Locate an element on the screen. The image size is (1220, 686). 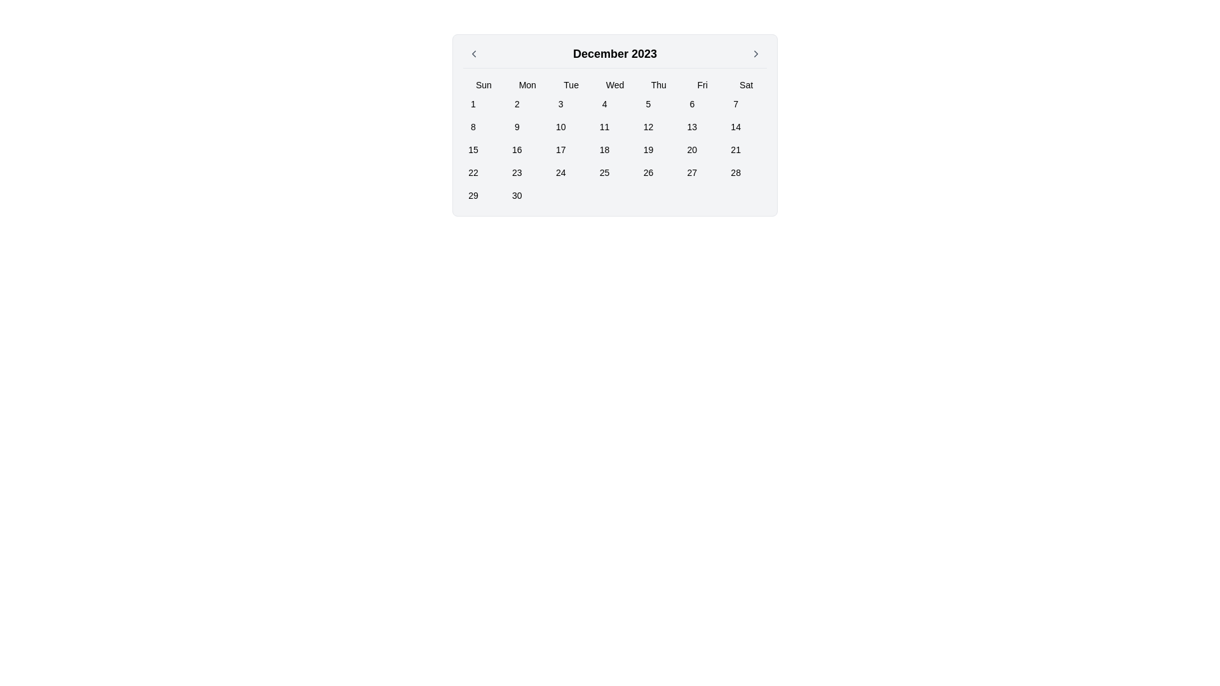
the interactive button representing December 23rd, 2023 in the calendar grid is located at coordinates (517, 173).